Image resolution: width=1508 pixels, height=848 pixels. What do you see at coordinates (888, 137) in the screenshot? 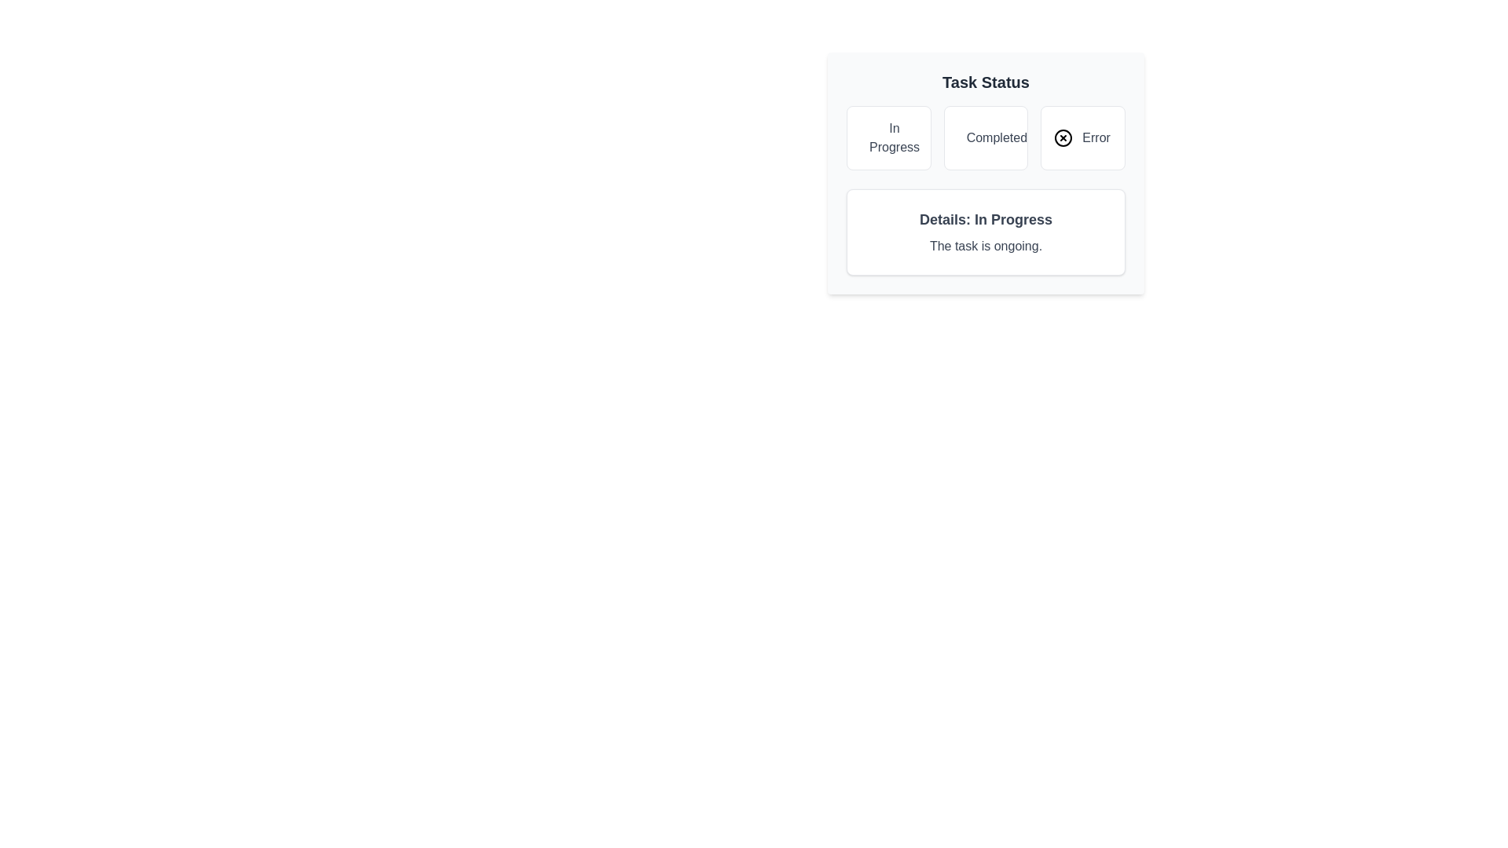
I see `the Interactive indicator element displaying 'In Progress' with a yellow border and alert icon` at bounding box center [888, 137].